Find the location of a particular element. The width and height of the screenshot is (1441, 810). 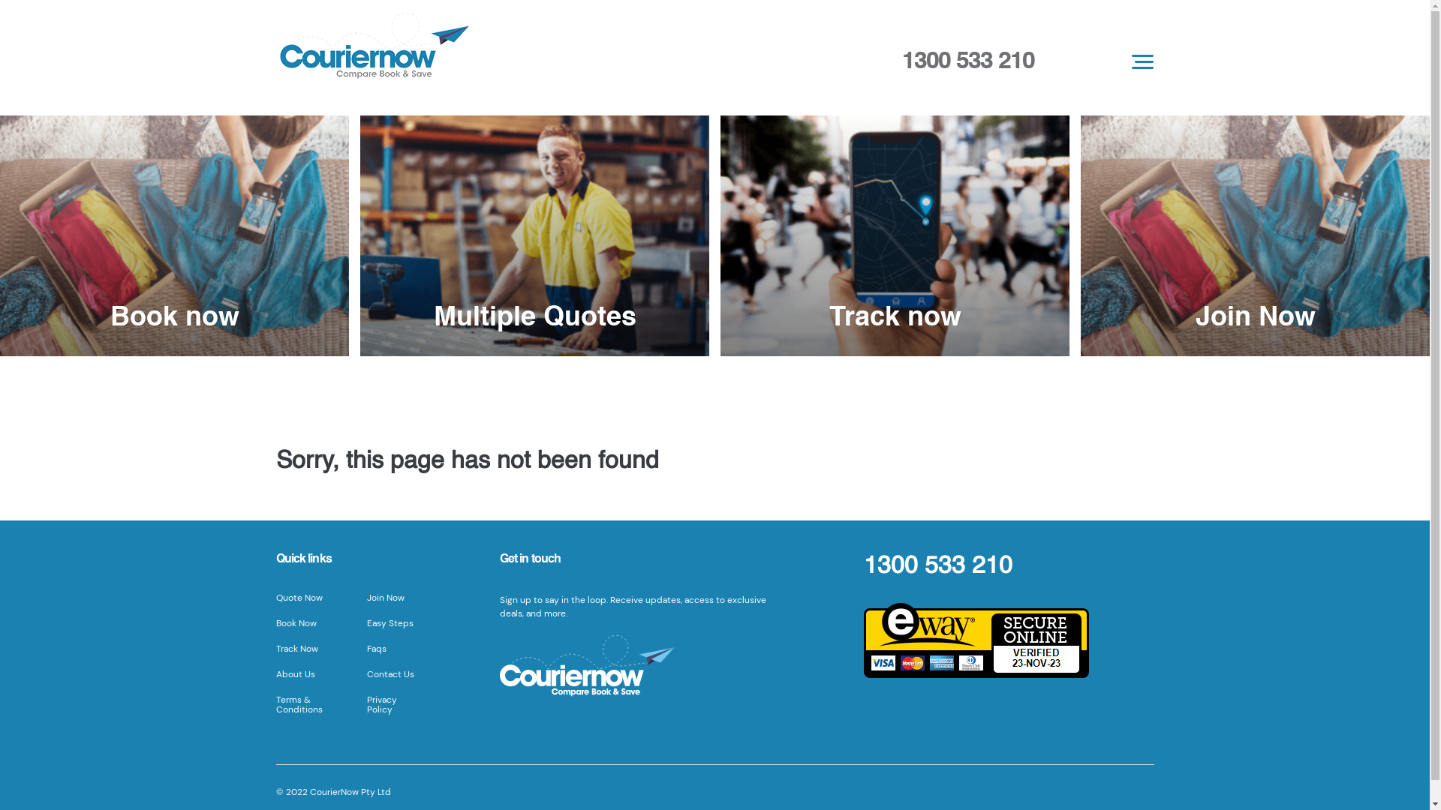

'Book now' is located at coordinates (174, 235).